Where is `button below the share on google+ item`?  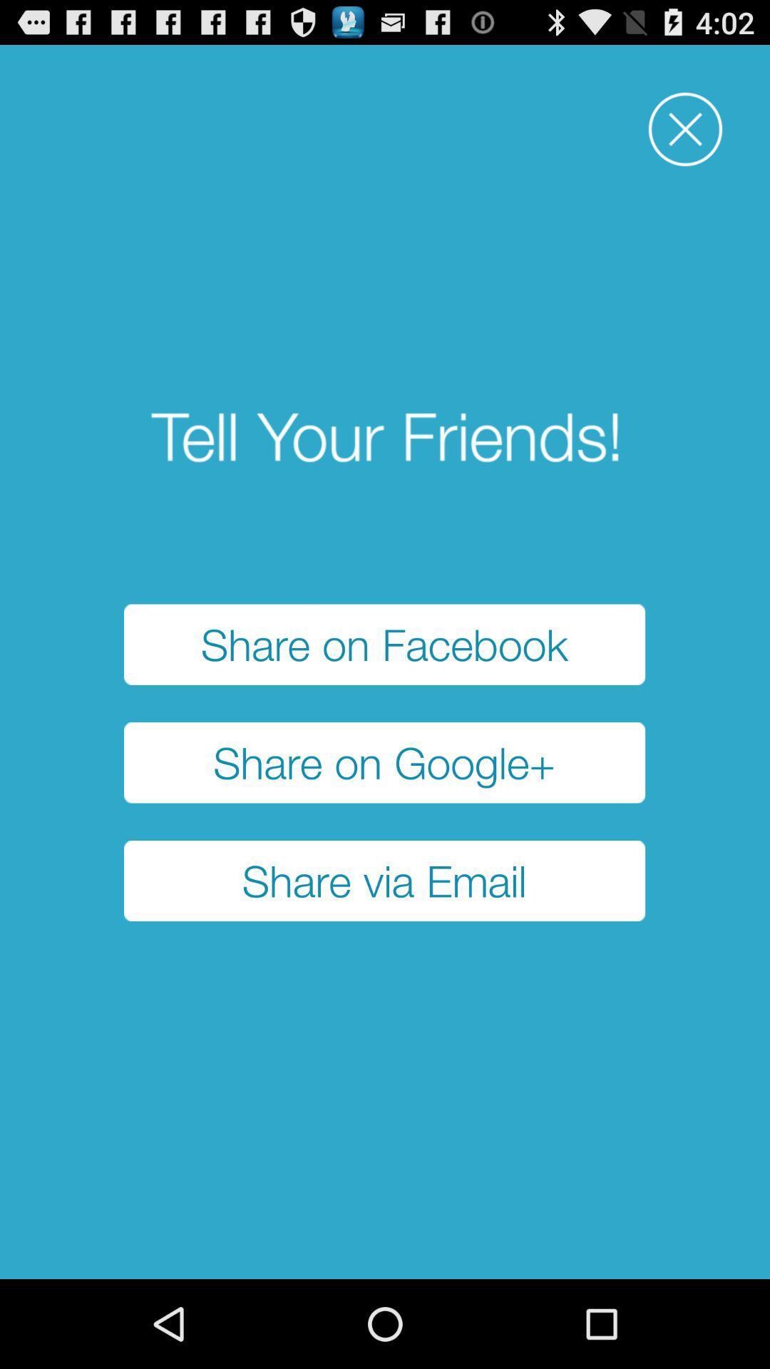
button below the share on google+ item is located at coordinates (384, 880).